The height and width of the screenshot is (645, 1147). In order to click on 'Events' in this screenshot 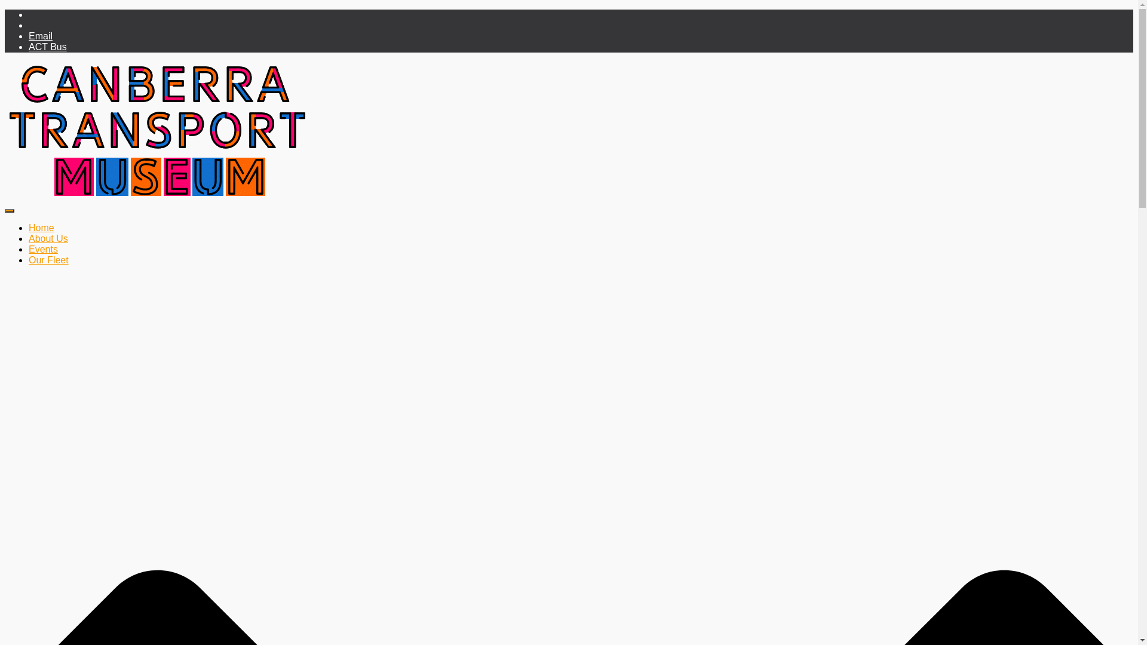, I will do `click(29, 248)`.